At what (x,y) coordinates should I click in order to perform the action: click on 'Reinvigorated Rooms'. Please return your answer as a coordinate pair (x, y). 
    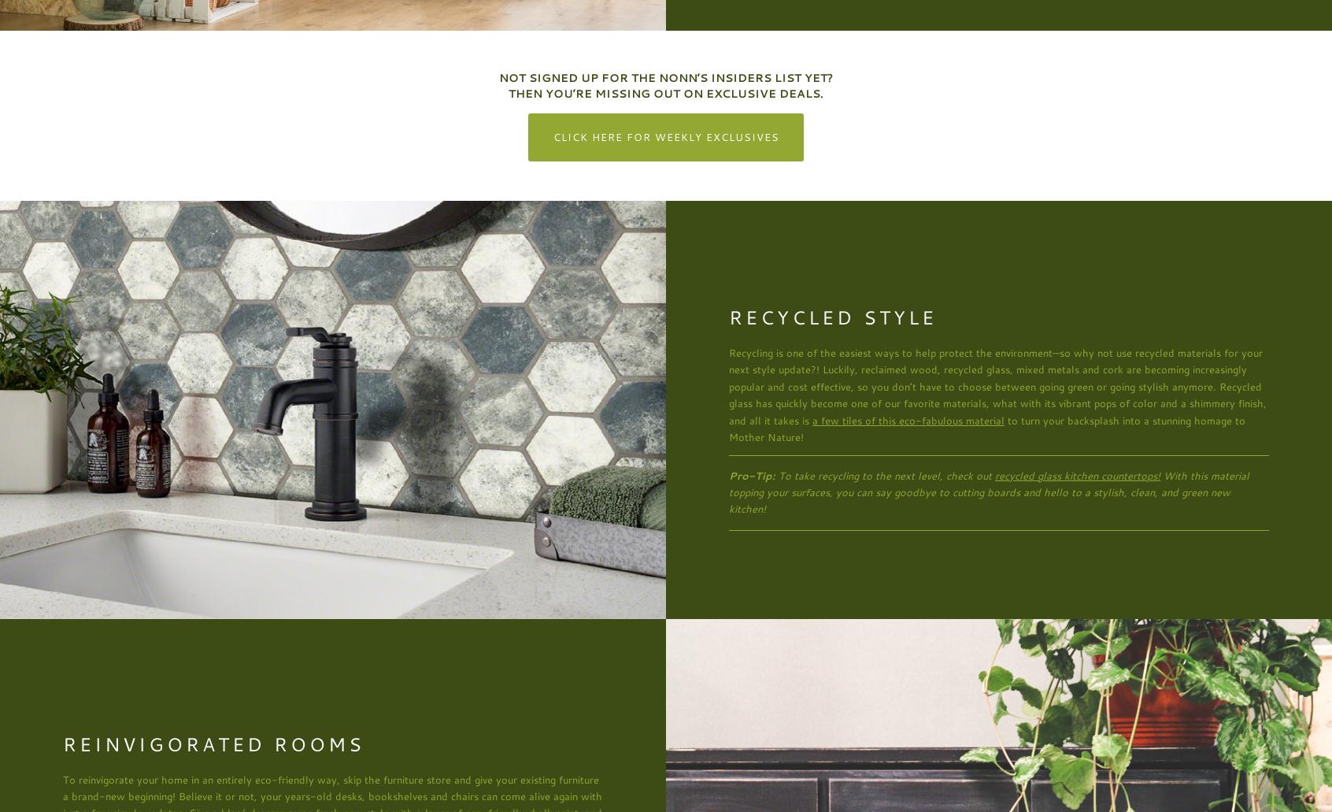
    Looking at the image, I should click on (213, 742).